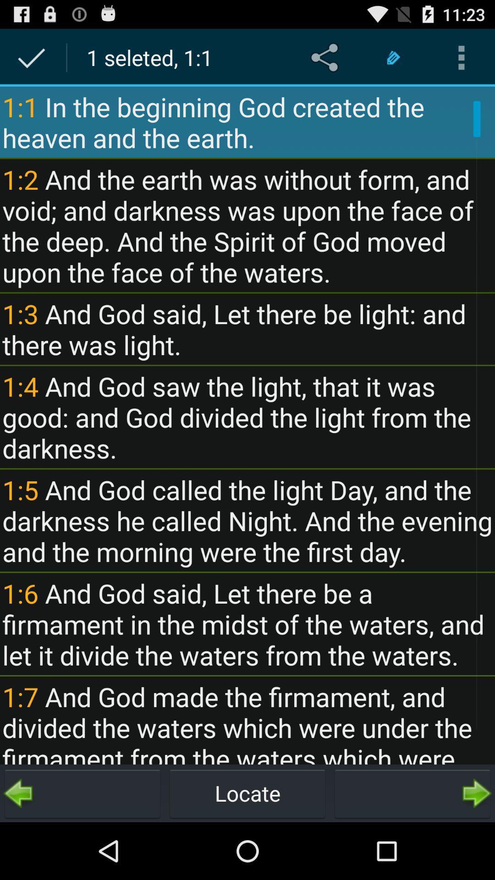  What do you see at coordinates (247, 793) in the screenshot?
I see `icon below 1 7 and icon` at bounding box center [247, 793].